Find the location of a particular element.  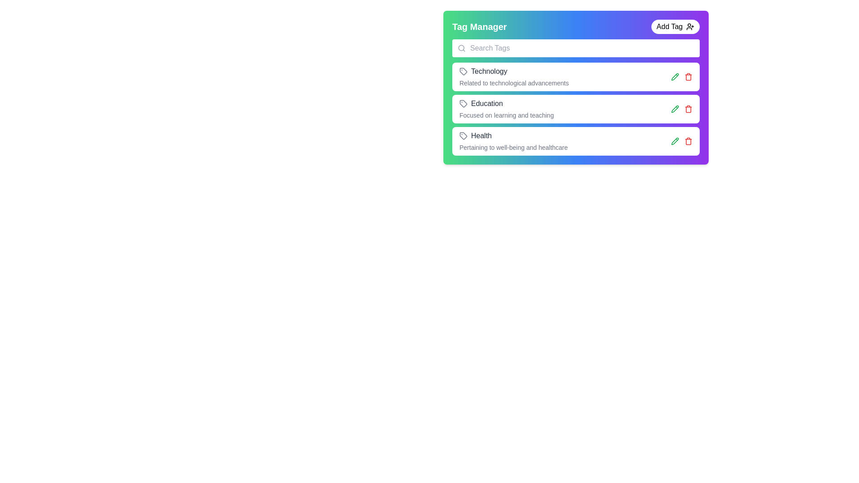

the trash icon button in the tag manager interface is located at coordinates (688, 141).